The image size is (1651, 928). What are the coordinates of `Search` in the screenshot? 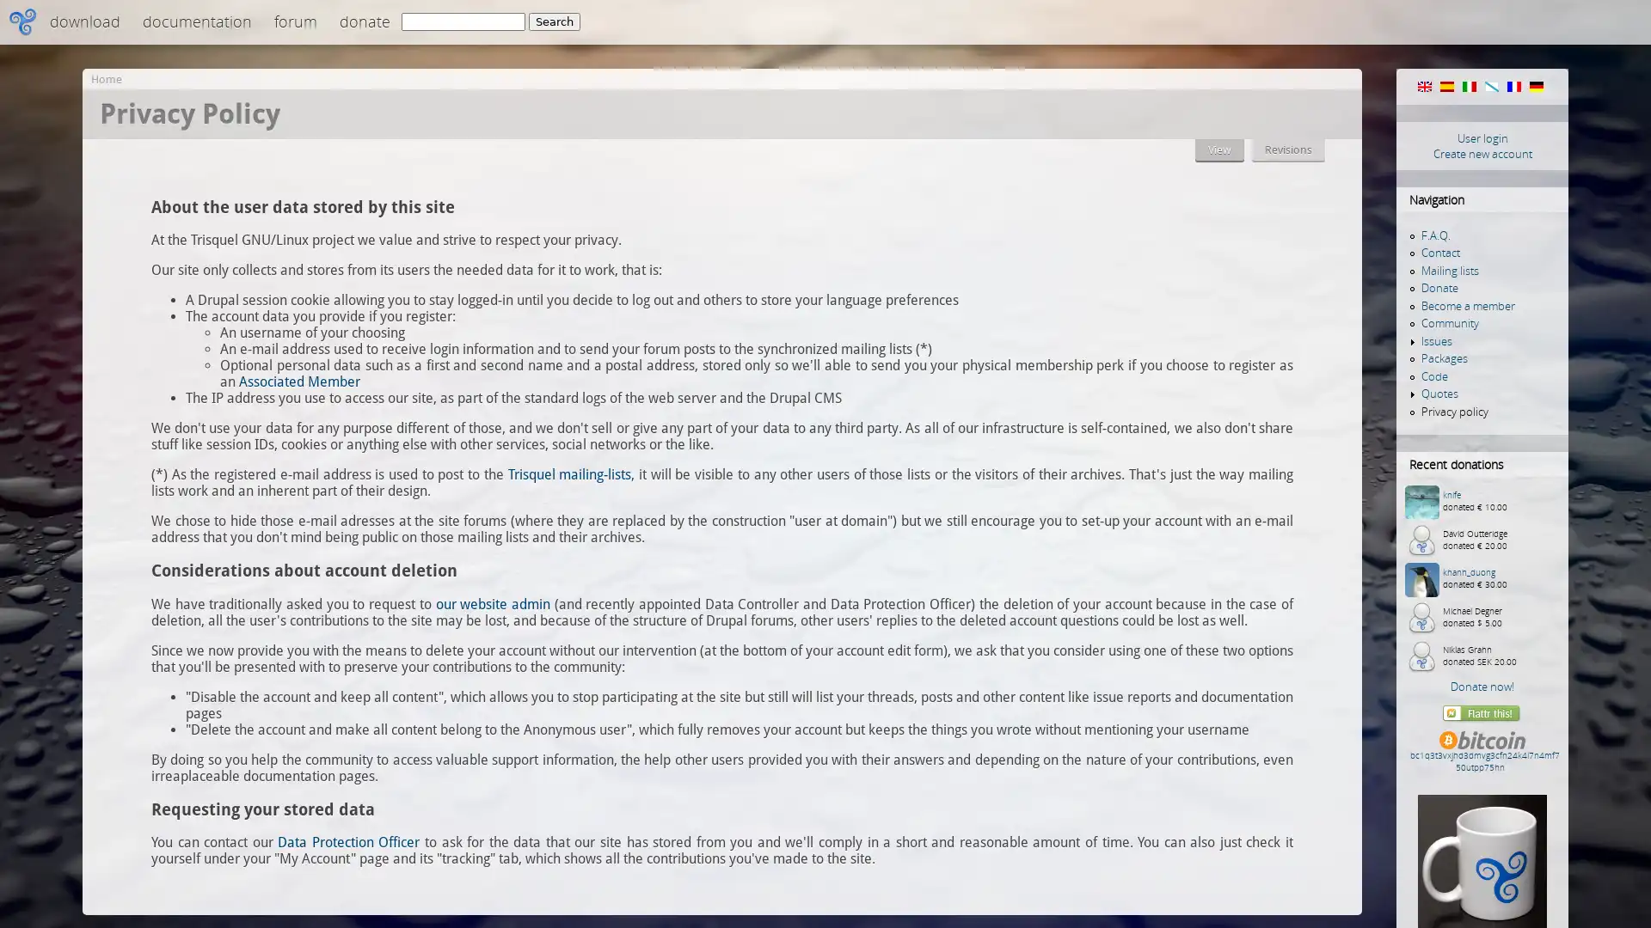 It's located at (554, 21).